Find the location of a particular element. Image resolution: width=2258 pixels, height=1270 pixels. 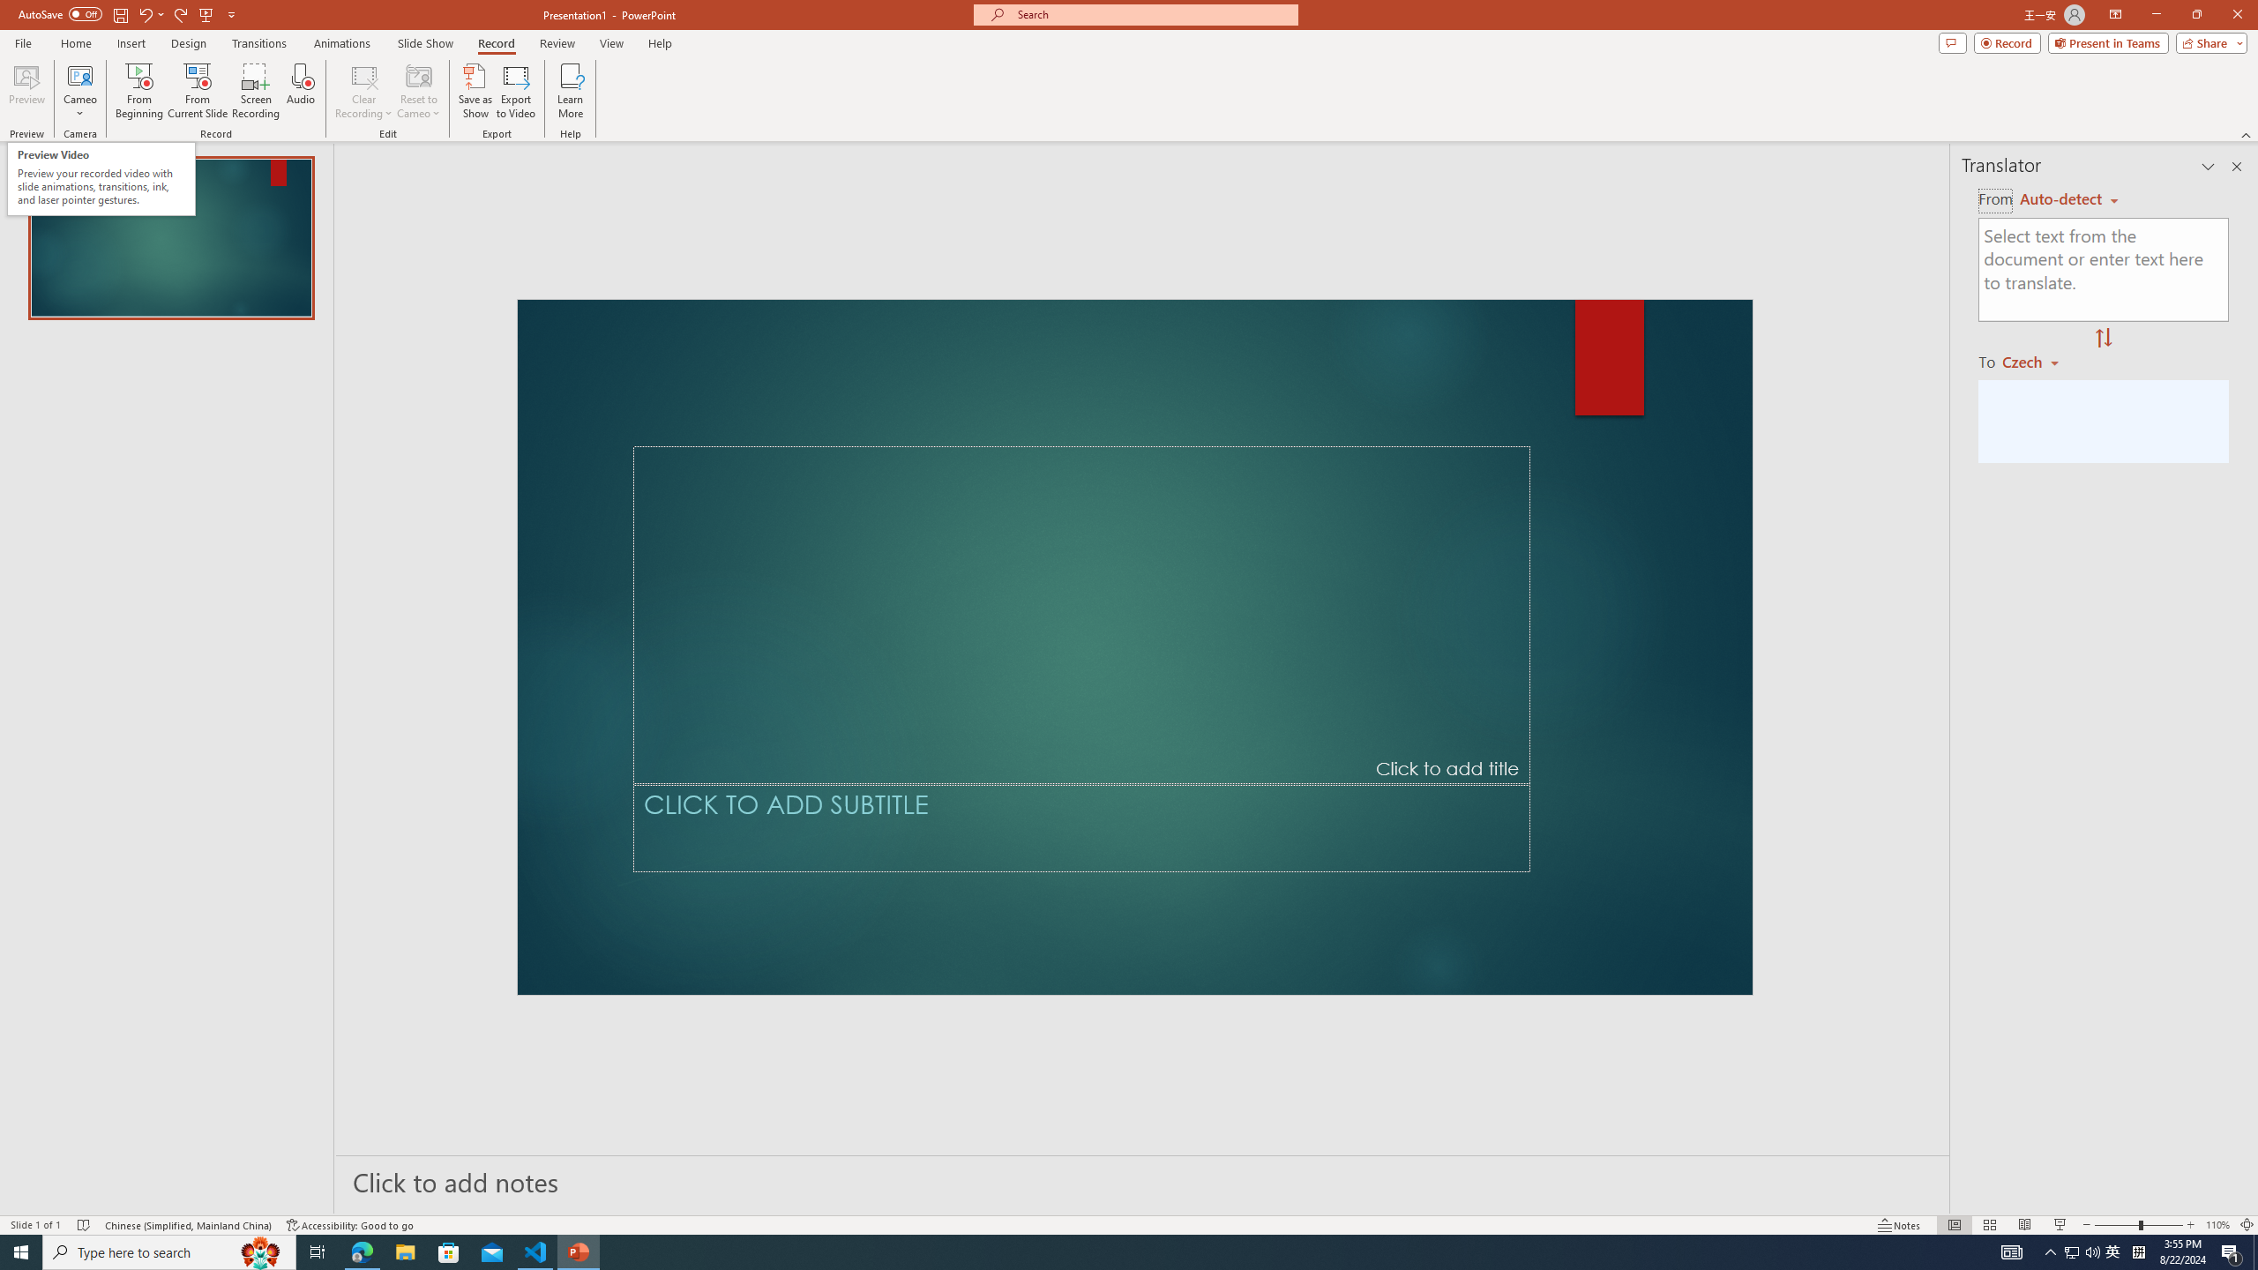

'Czech' is located at coordinates (2037, 361).